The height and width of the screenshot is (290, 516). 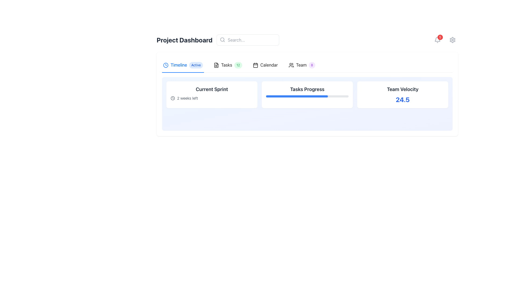 What do you see at coordinates (452, 40) in the screenshot?
I see `the Settings Icon located in the top-right corner of the interface` at bounding box center [452, 40].